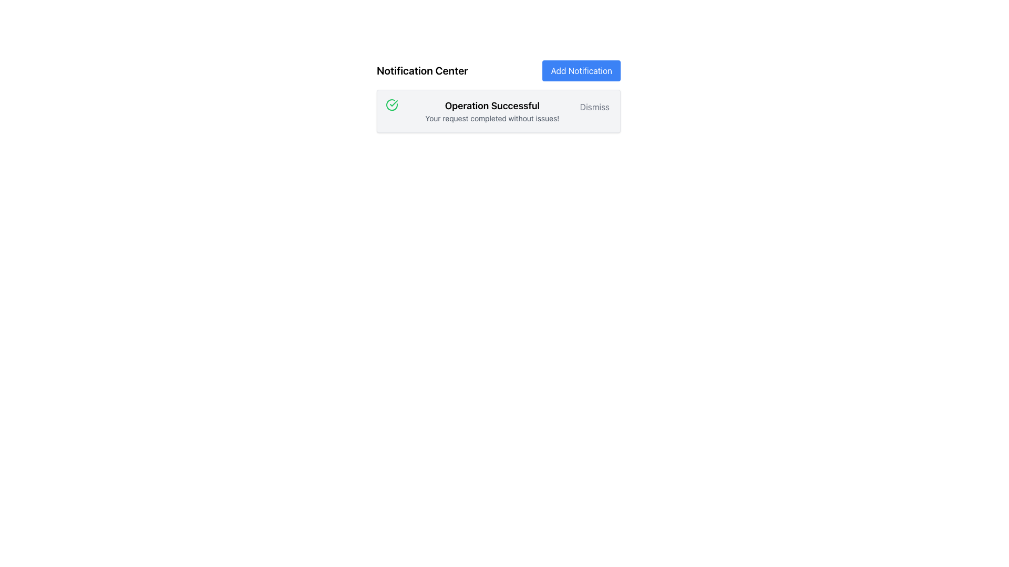 The image size is (1009, 567). What do you see at coordinates (594, 107) in the screenshot?
I see `the 'Dismiss' button located in the top-right corner of the notification card to observe the styling change of the text color from light gray to darker gray` at bounding box center [594, 107].